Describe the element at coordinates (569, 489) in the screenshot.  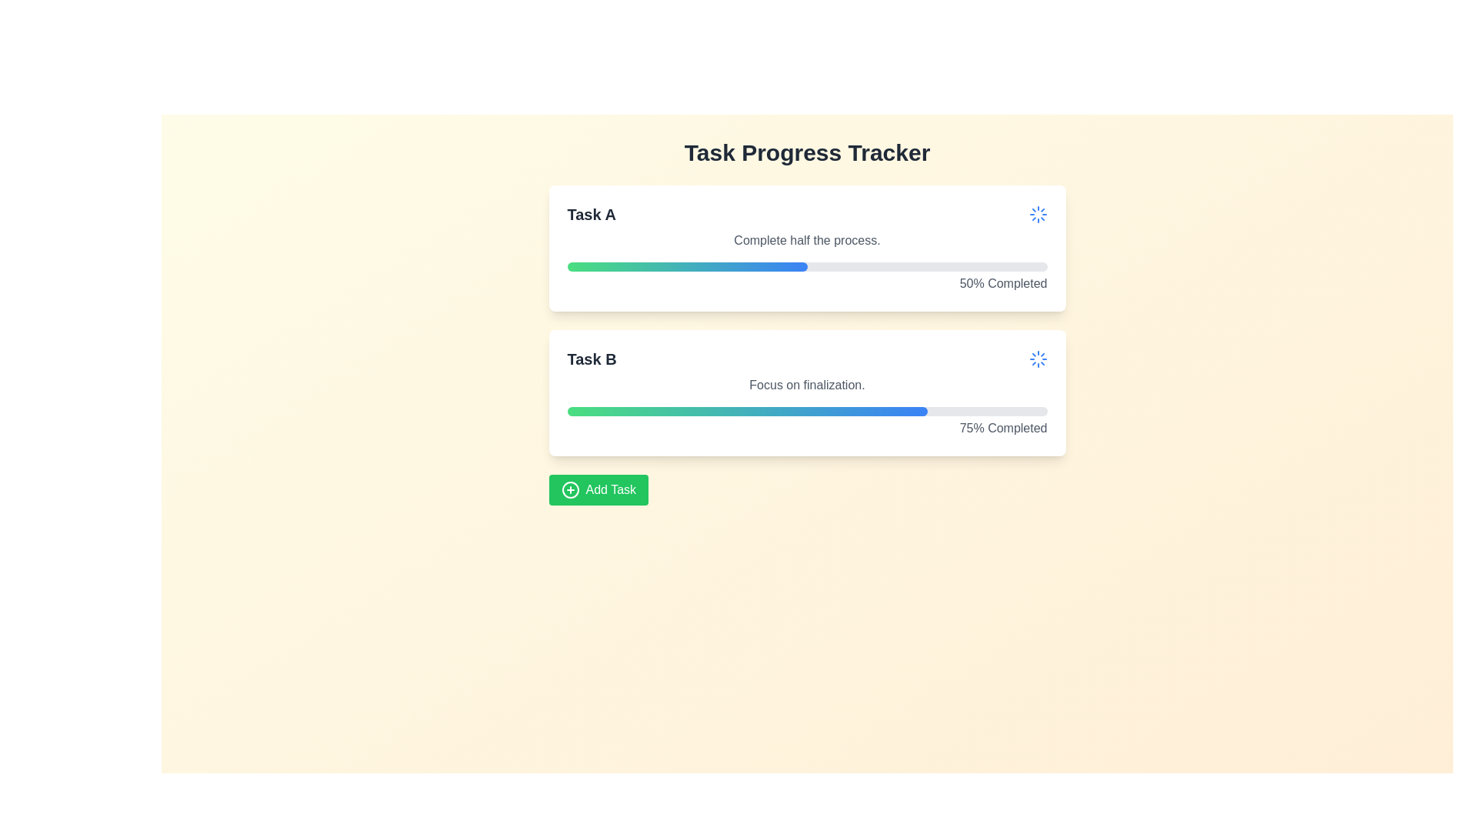
I see `the circular icon within the 'Add Task' button, which serves as a decorative element to assist with task addition recognition` at that location.